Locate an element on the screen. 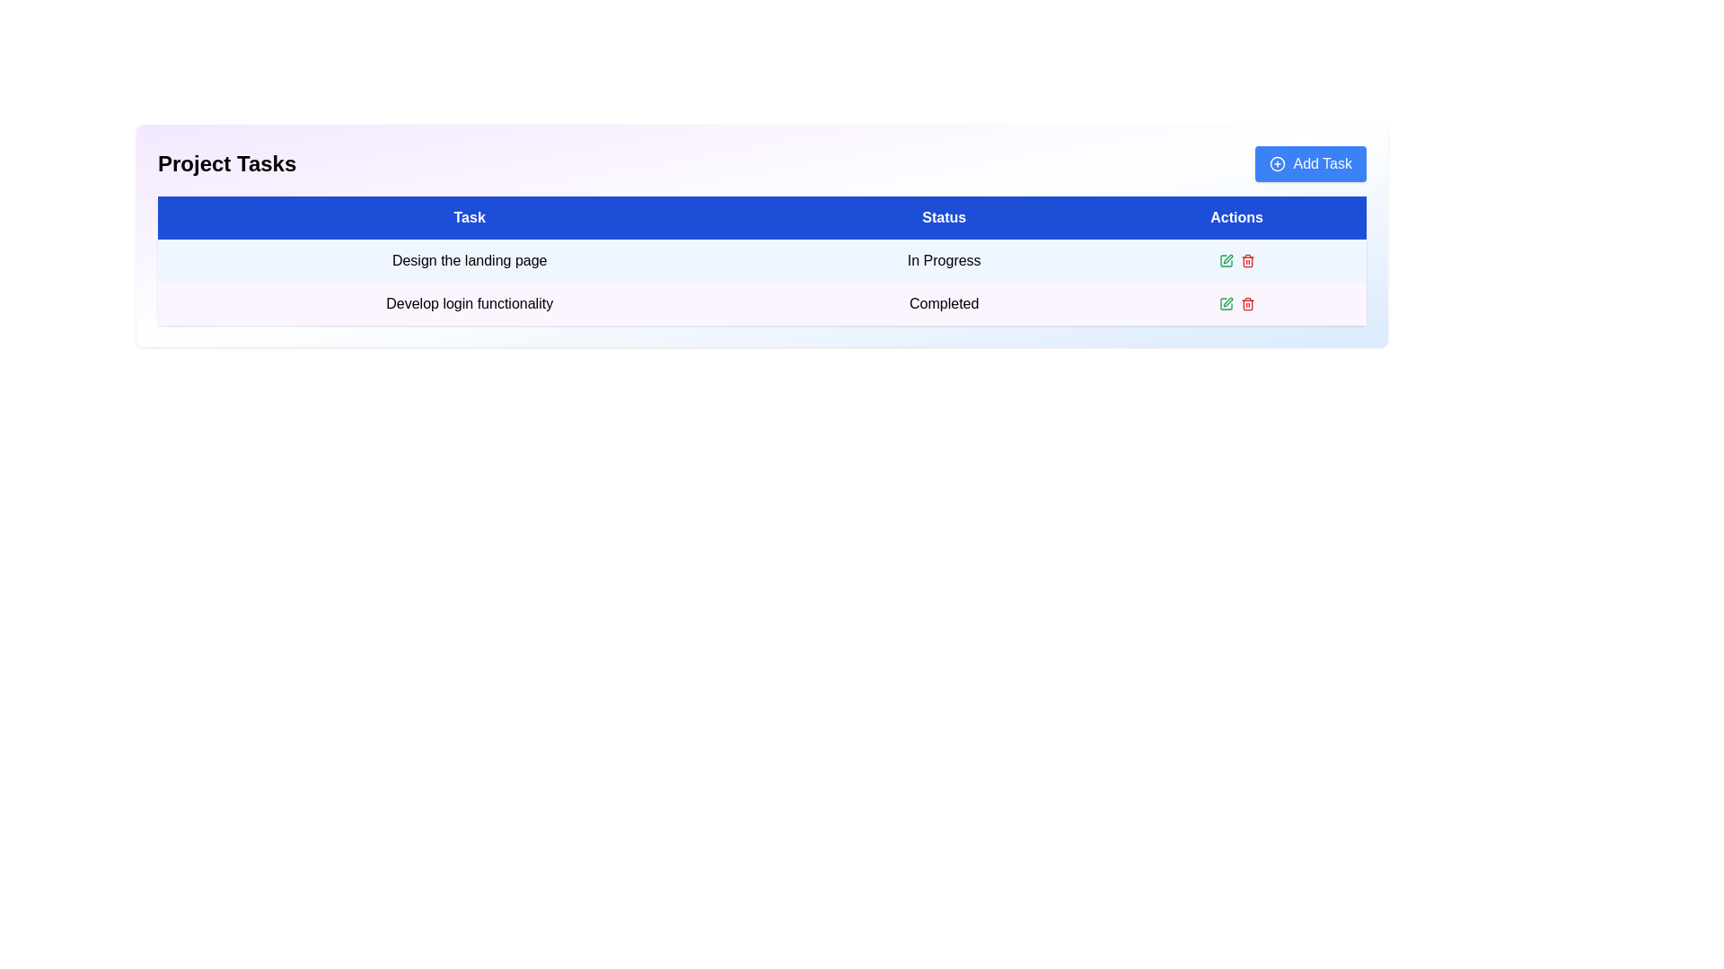  the circular shape graphic located in the top-right corner of the interface, part of an icon next to the blue 'Add Task' button is located at coordinates (1277, 163).